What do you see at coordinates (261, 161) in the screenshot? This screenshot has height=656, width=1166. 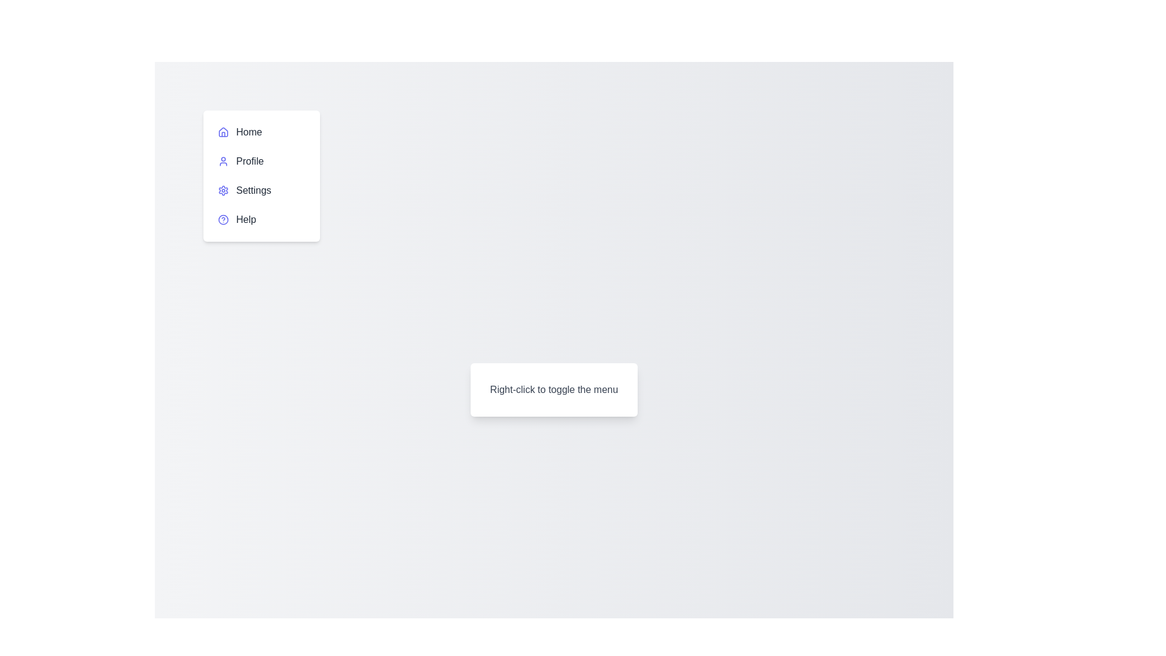 I see `the menu item Profile to highlight it` at bounding box center [261, 161].